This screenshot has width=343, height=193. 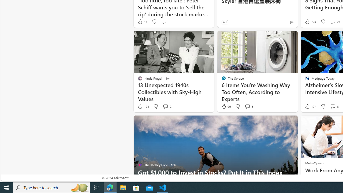 I want to click on '124 Like', so click(x=143, y=106).